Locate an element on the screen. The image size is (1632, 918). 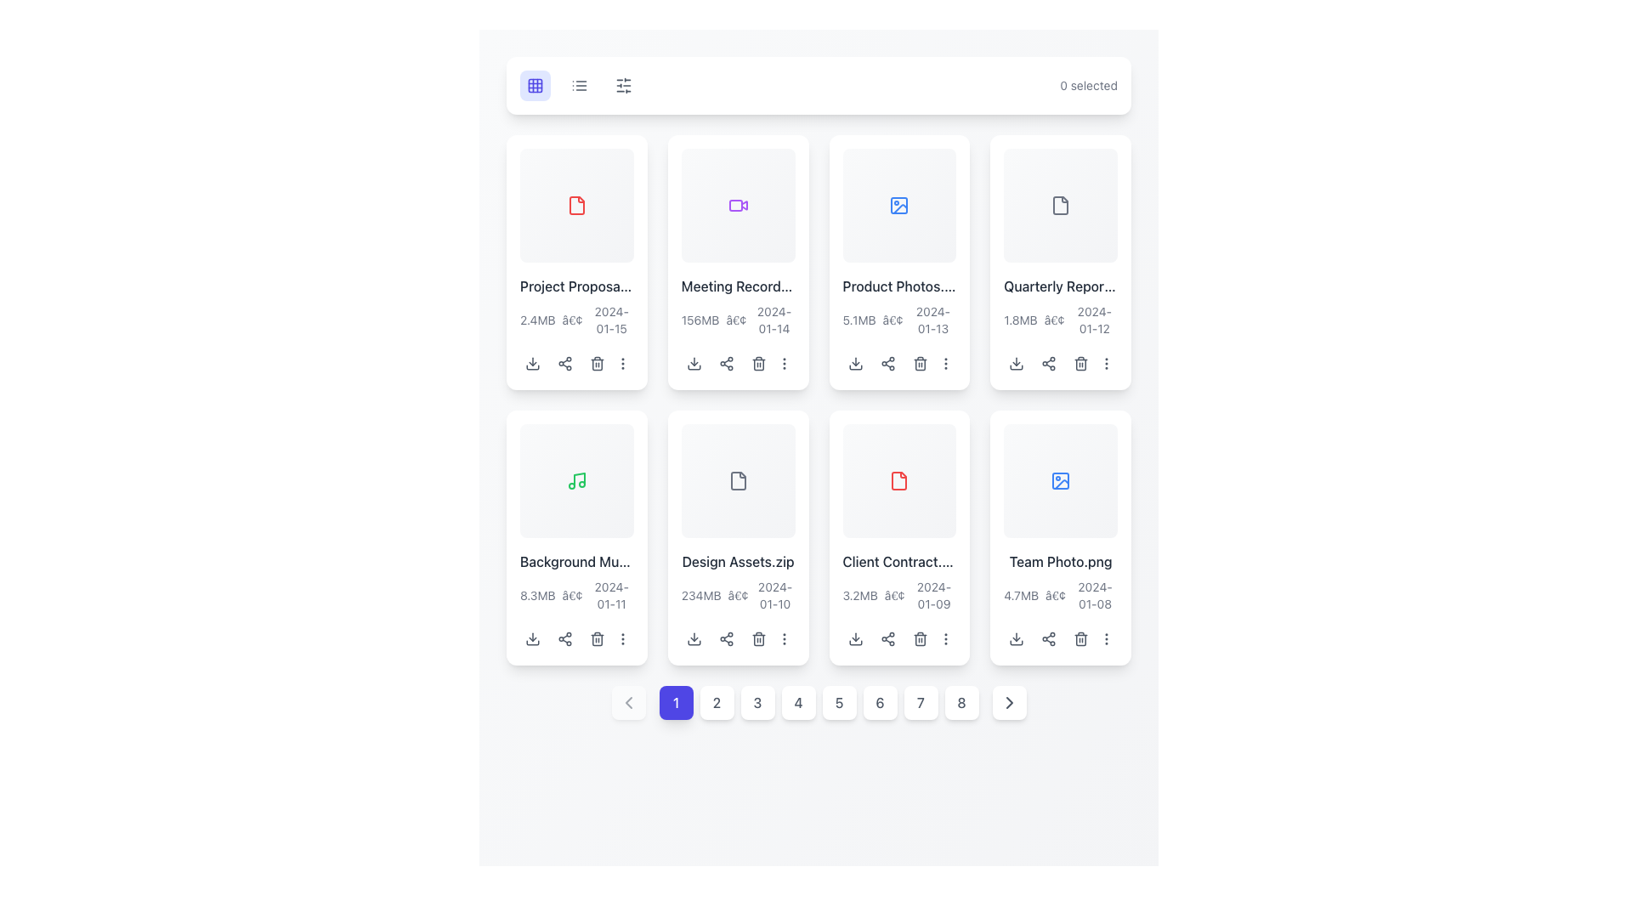
the trash icon button, which is the third interactive option in a row below the 'Team Photo.png' file card is located at coordinates (1080, 638).